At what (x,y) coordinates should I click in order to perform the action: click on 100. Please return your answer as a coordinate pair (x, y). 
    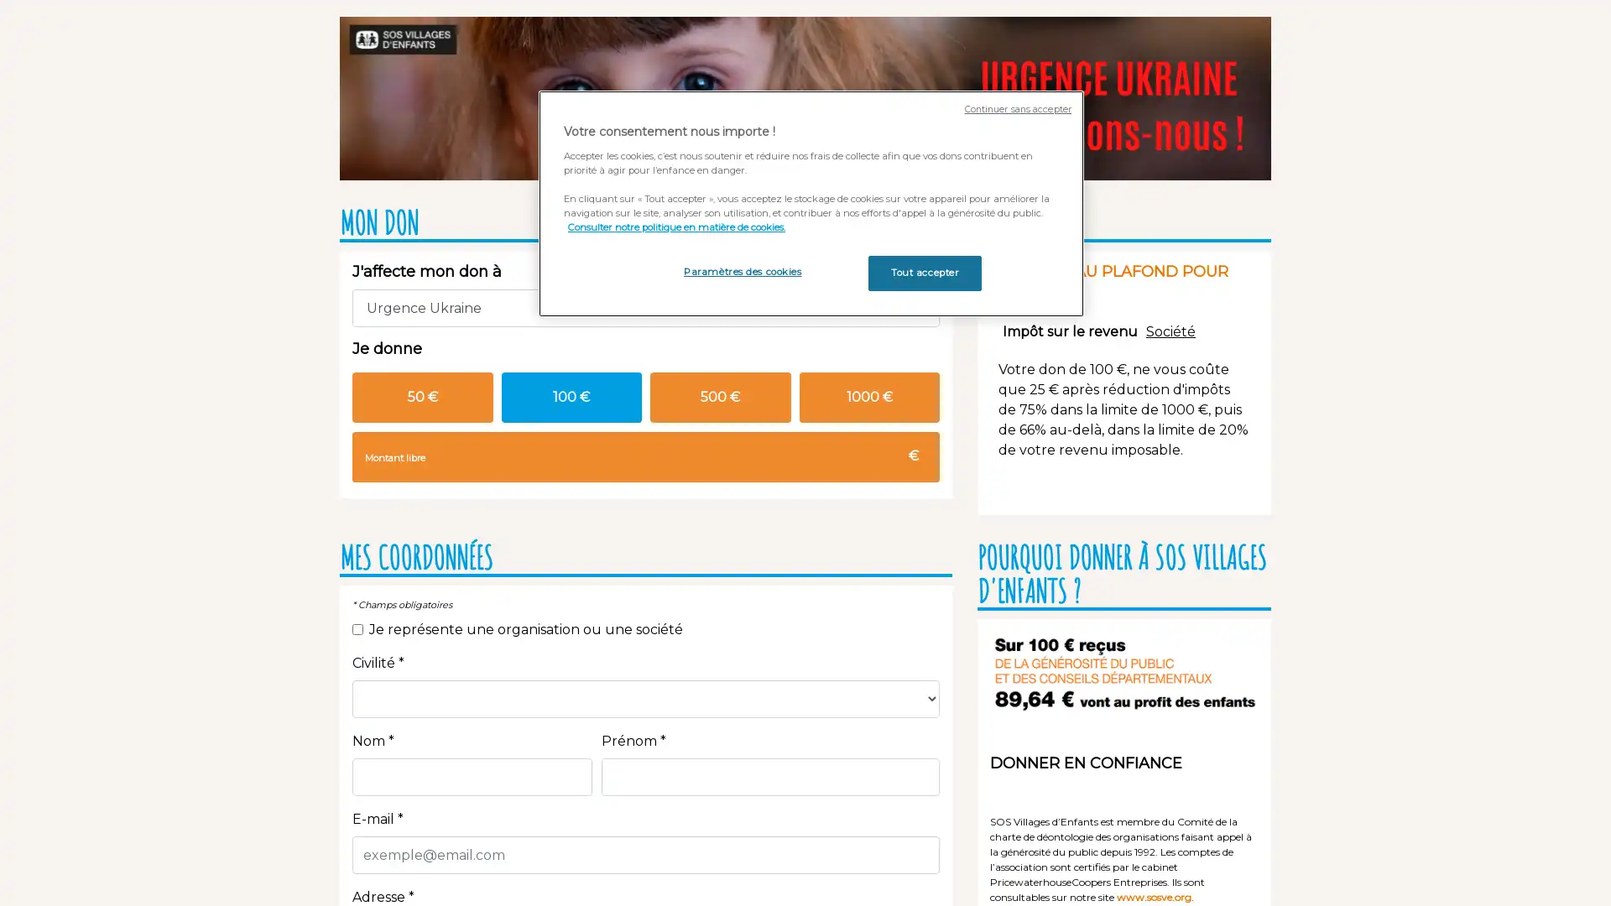
    Looking at the image, I should click on (571, 397).